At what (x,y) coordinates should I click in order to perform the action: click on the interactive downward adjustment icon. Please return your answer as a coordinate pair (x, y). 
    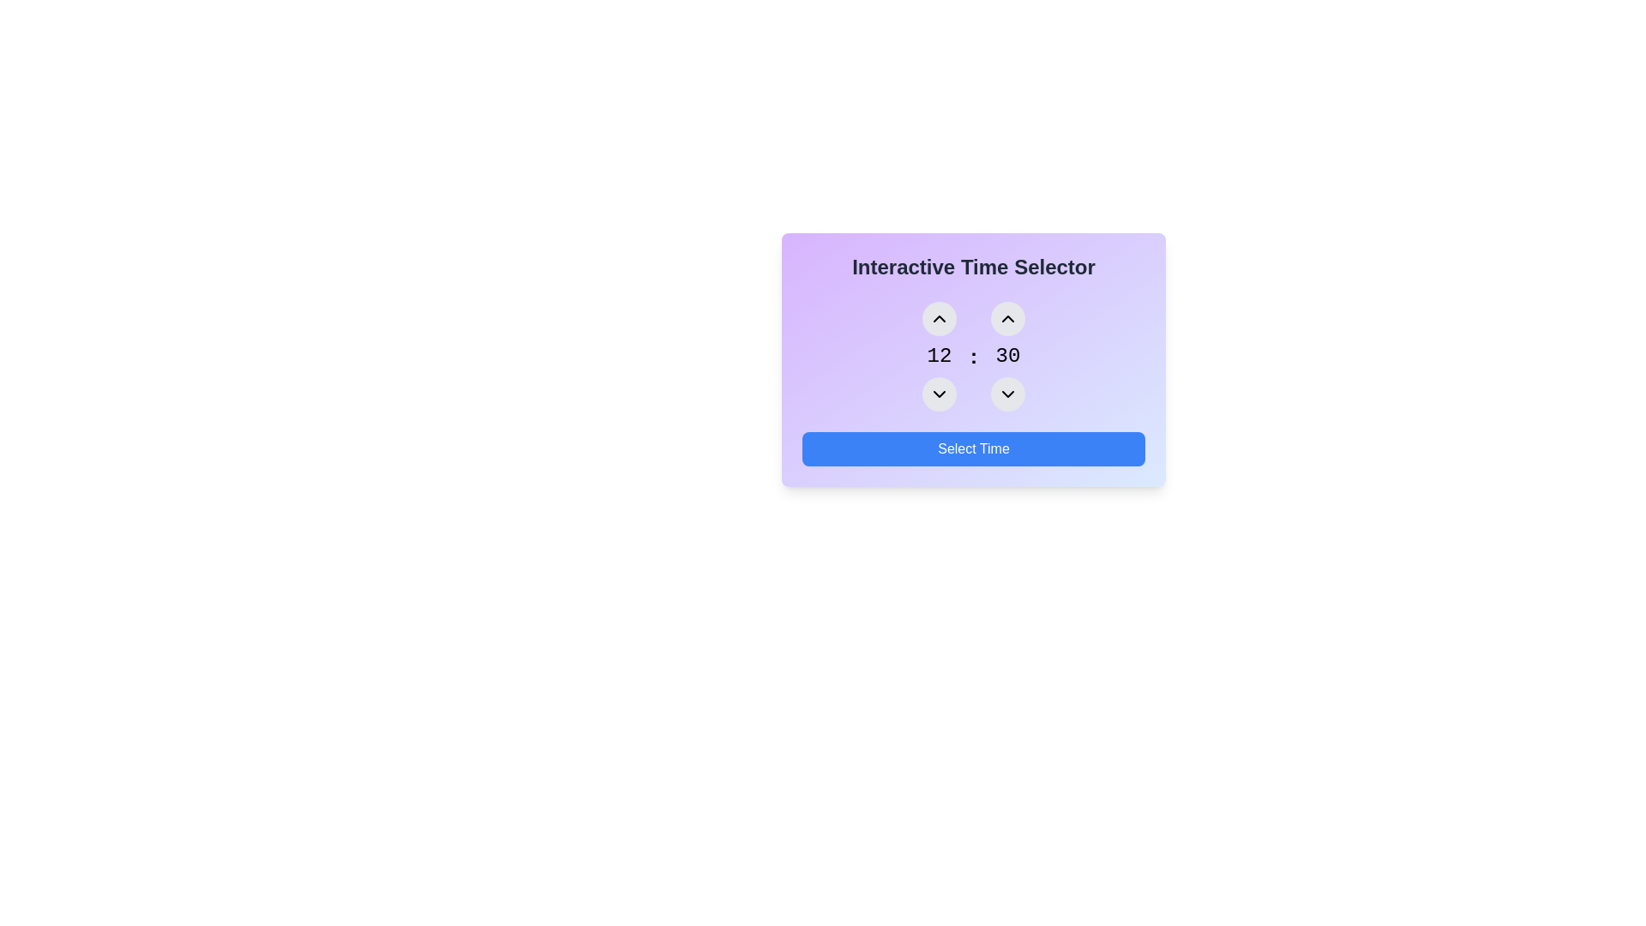
    Looking at the image, I should click on (1008, 394).